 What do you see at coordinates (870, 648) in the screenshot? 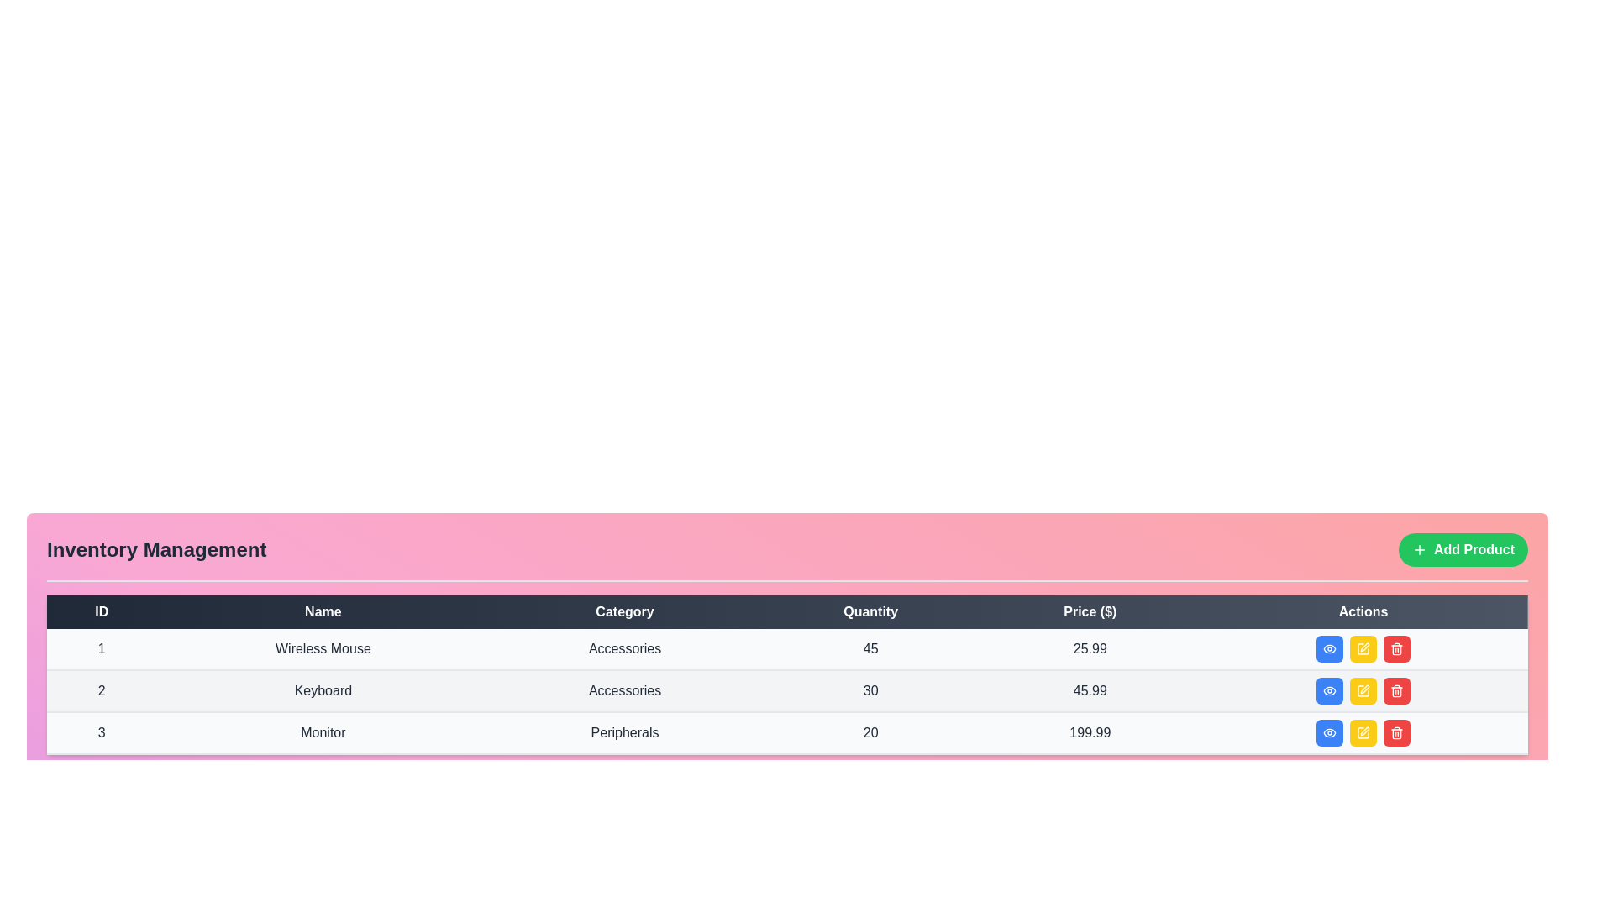
I see `the static text element displaying the number '45' in the 'Quantity' column of the table for 'Wireless Mouse'` at bounding box center [870, 648].